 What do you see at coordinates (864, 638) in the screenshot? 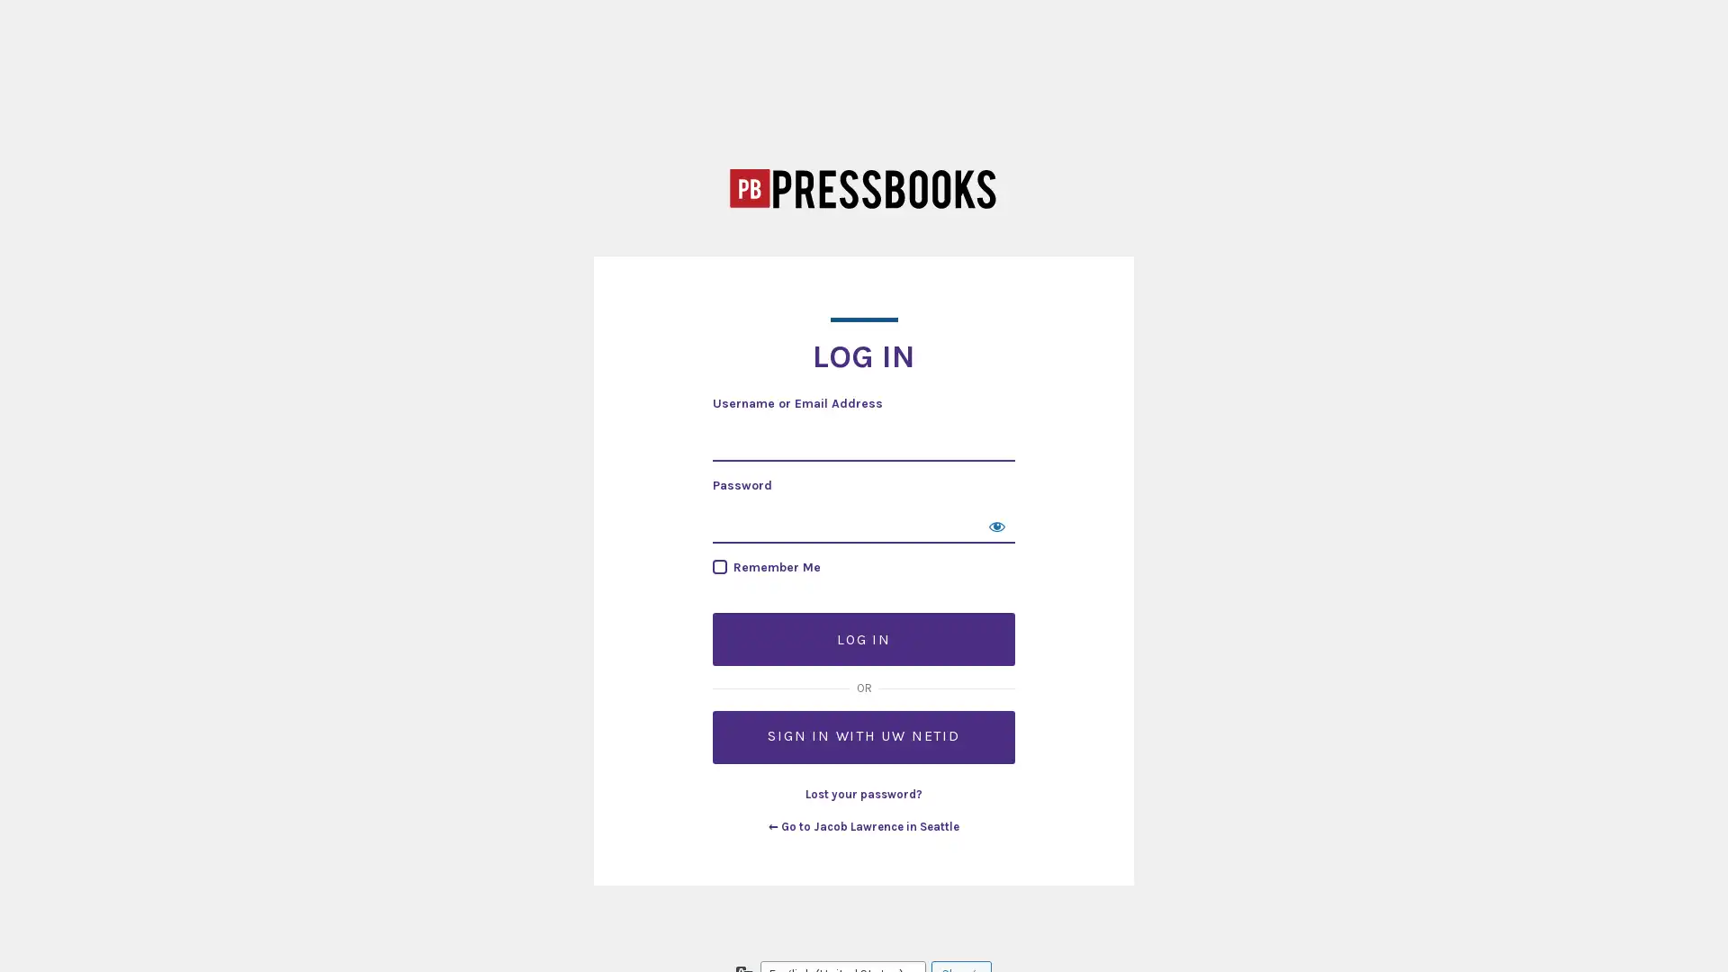
I see `Log In` at bounding box center [864, 638].